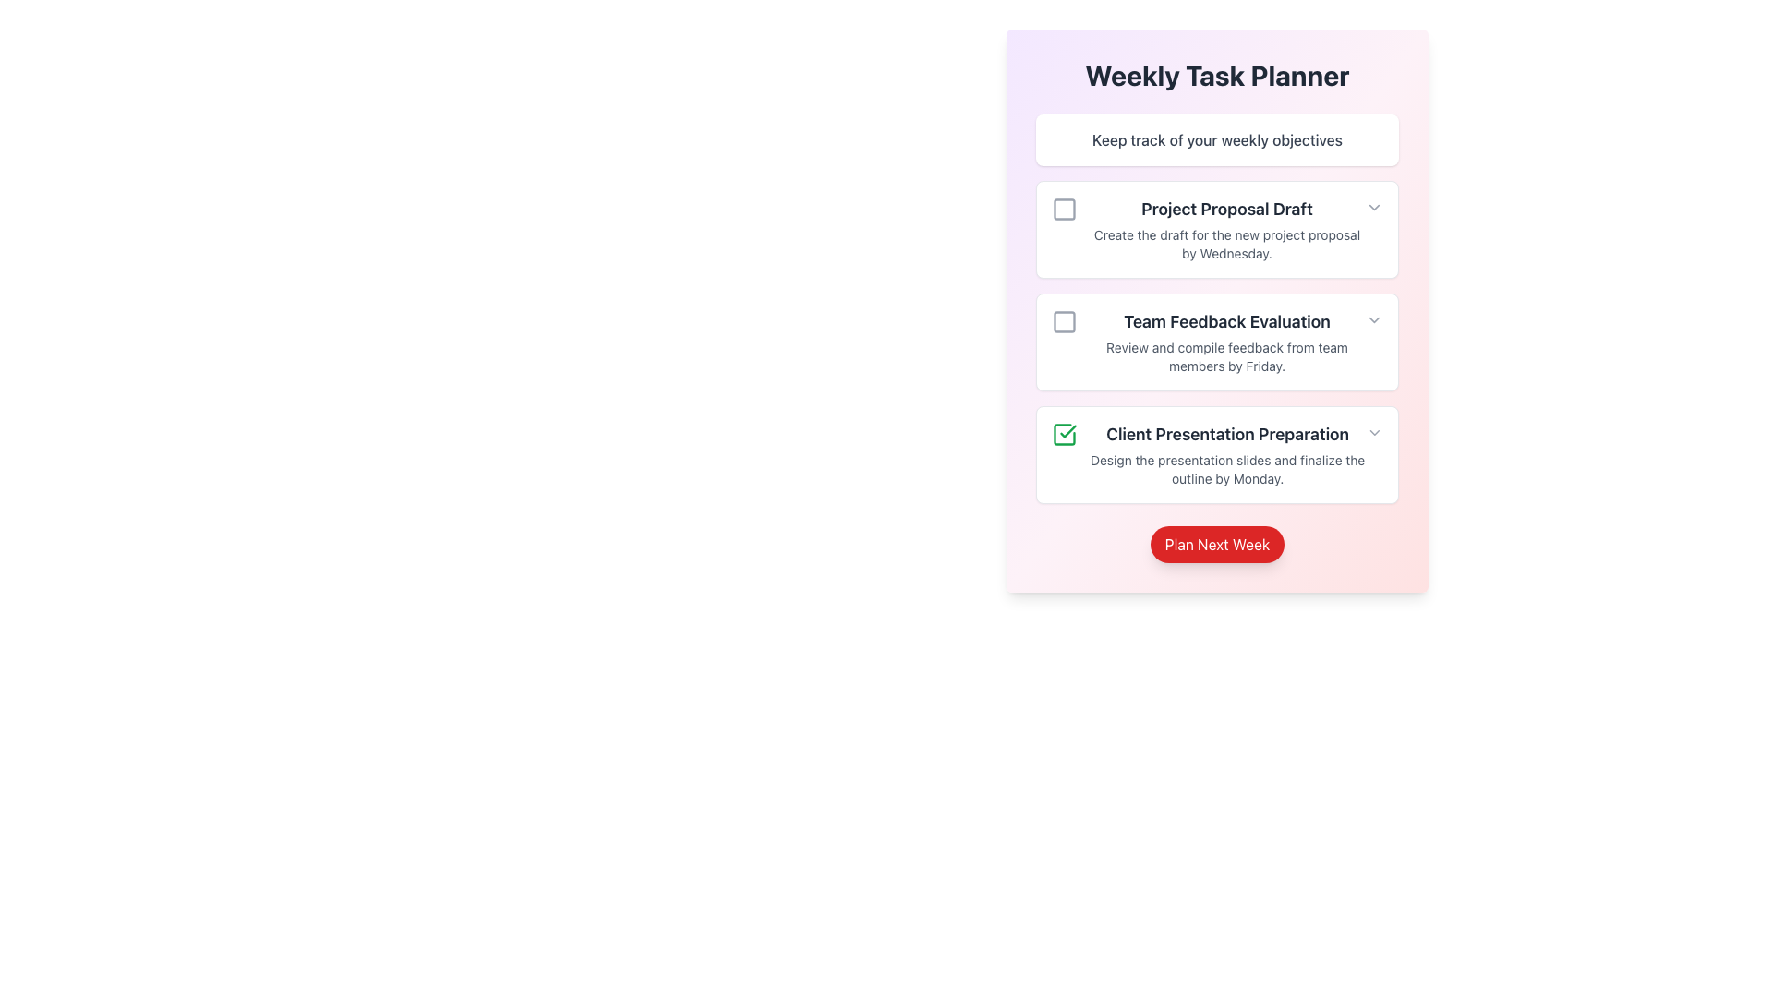 The image size is (1773, 997). Describe the element at coordinates (1374, 207) in the screenshot. I see `the Chevron Down icon located on the far right of the 'Project Proposal Draft' section` at that location.